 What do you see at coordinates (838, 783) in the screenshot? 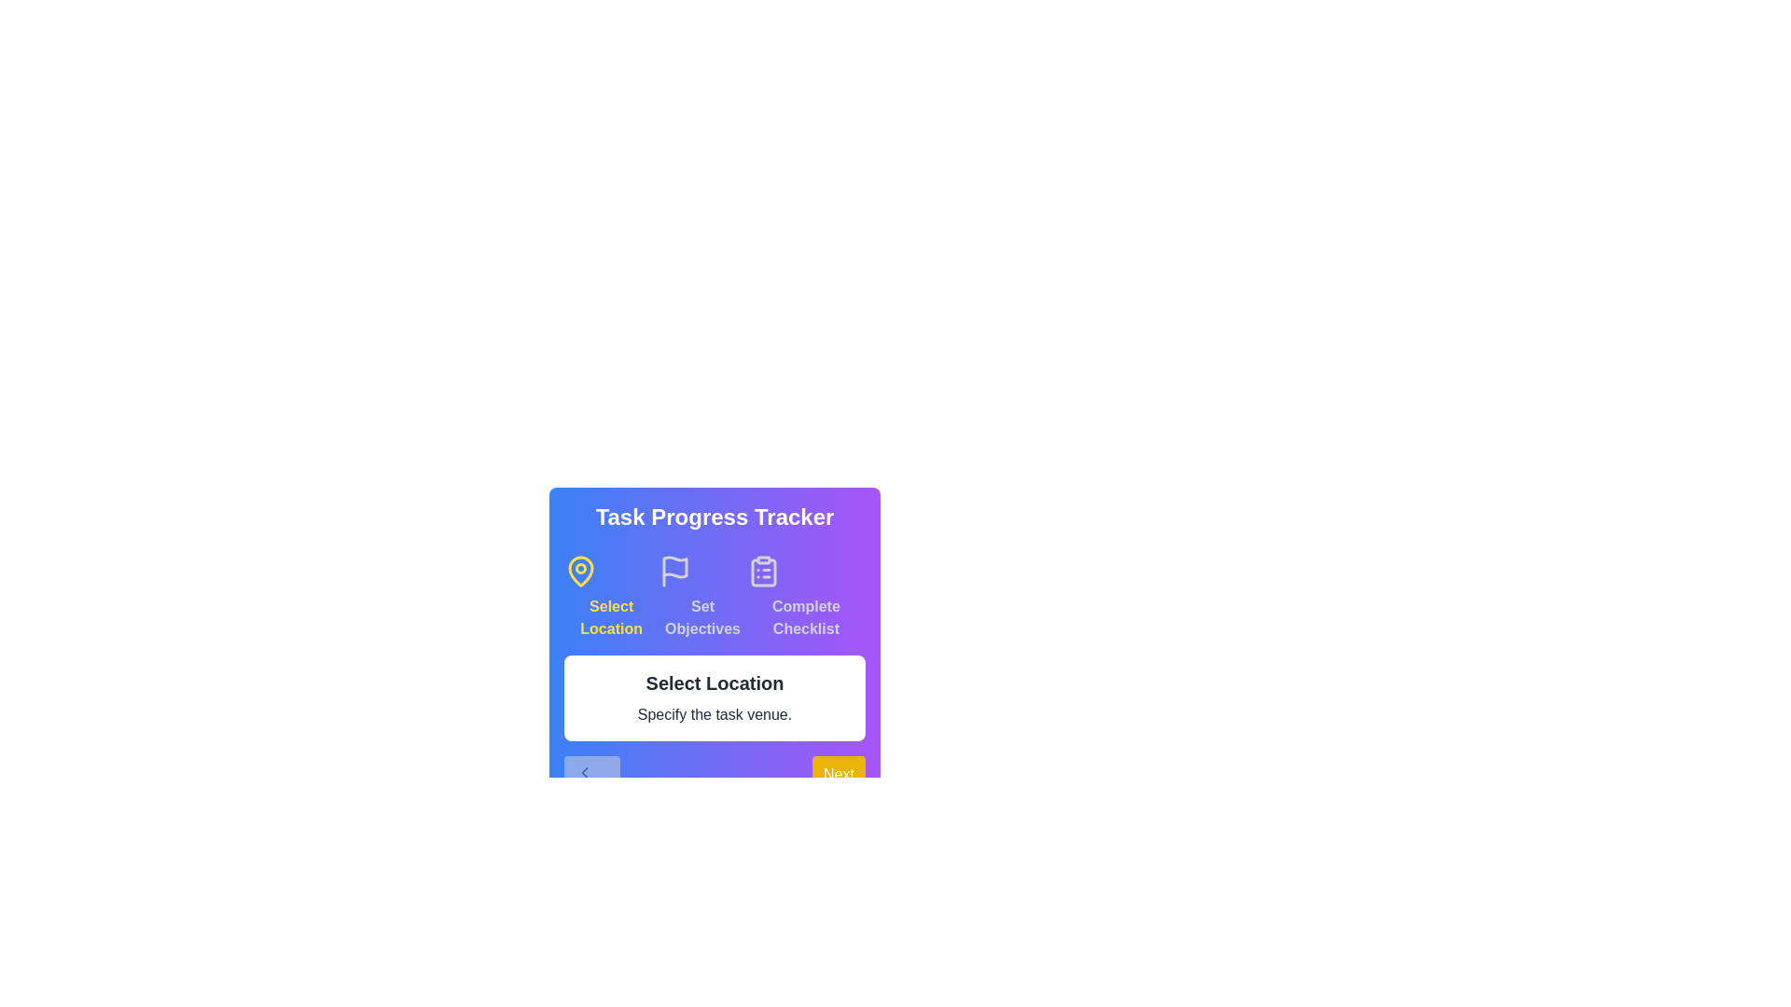
I see `the 'Next' button to navigate to the next step` at bounding box center [838, 783].